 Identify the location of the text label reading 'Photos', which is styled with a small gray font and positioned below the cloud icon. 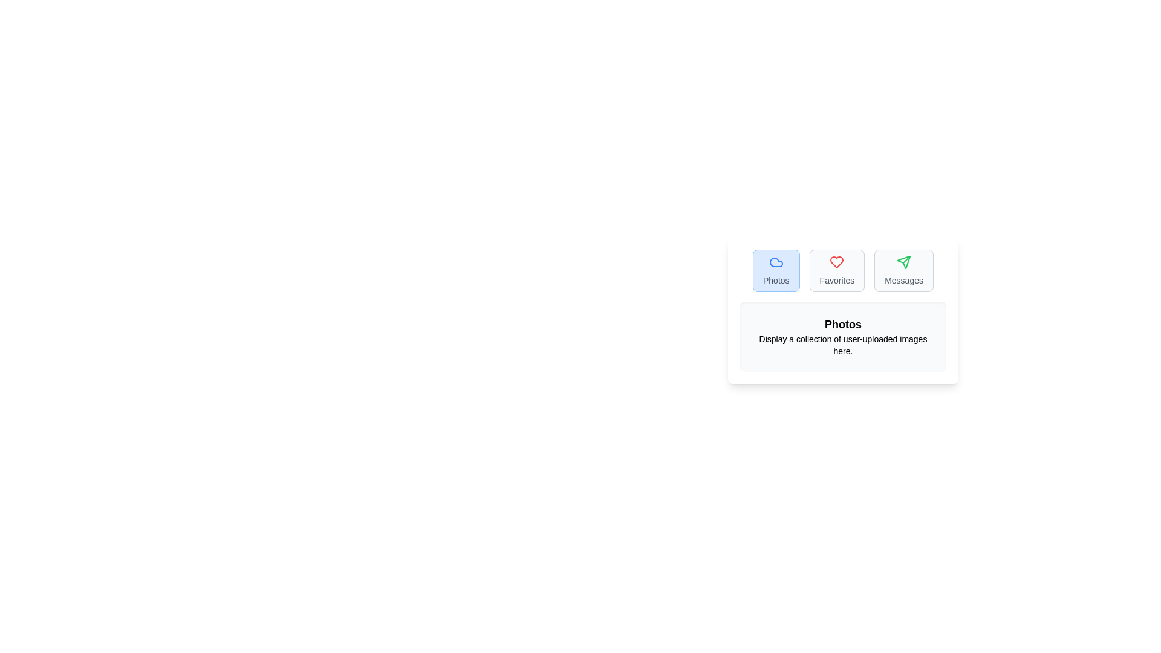
(776, 280).